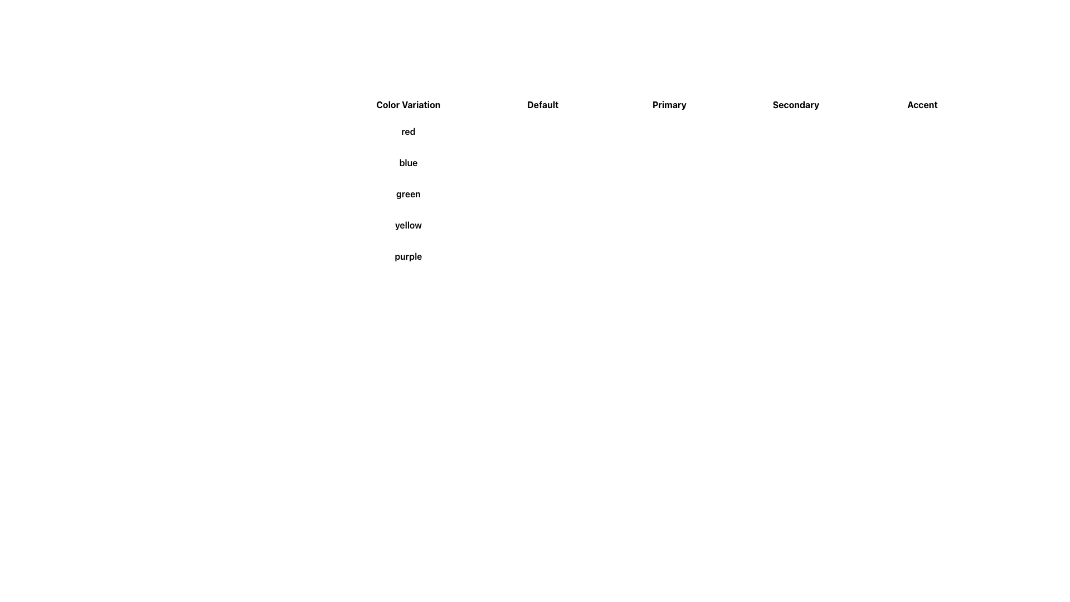 The height and width of the screenshot is (602, 1070). What do you see at coordinates (669, 105) in the screenshot?
I see `the 'Primary' text label which indicates a state or category, located in the third position among five horizontal labels` at bounding box center [669, 105].